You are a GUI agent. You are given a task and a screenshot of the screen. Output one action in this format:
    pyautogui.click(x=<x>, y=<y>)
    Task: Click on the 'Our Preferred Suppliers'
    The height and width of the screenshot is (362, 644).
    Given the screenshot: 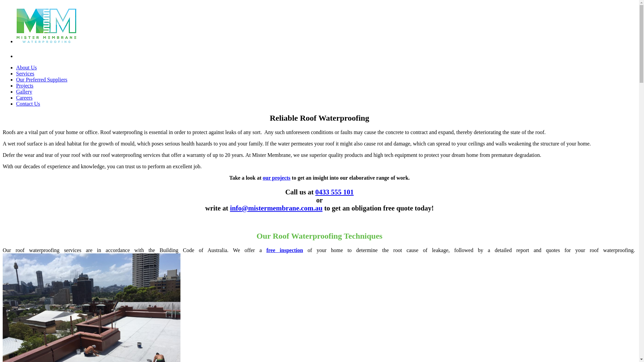 What is the action you would take?
    pyautogui.click(x=41, y=79)
    